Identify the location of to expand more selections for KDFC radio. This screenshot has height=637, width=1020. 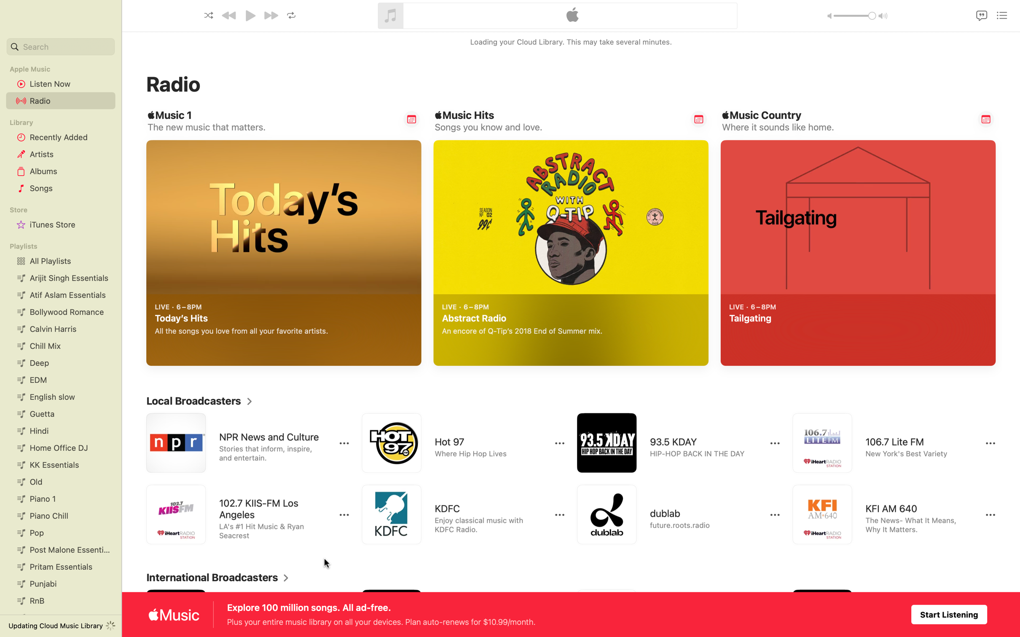
(560, 515).